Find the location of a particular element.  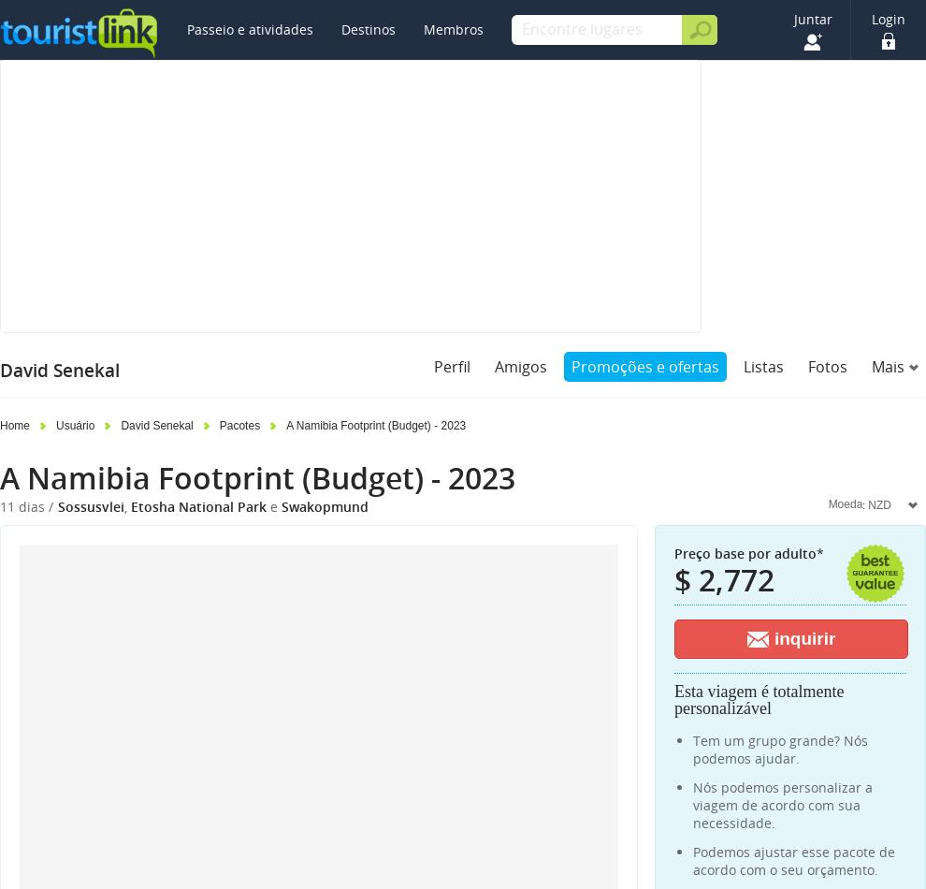

'Nós podemos personalizar a viagem de acordo com sua necessidade.' is located at coordinates (782, 804).